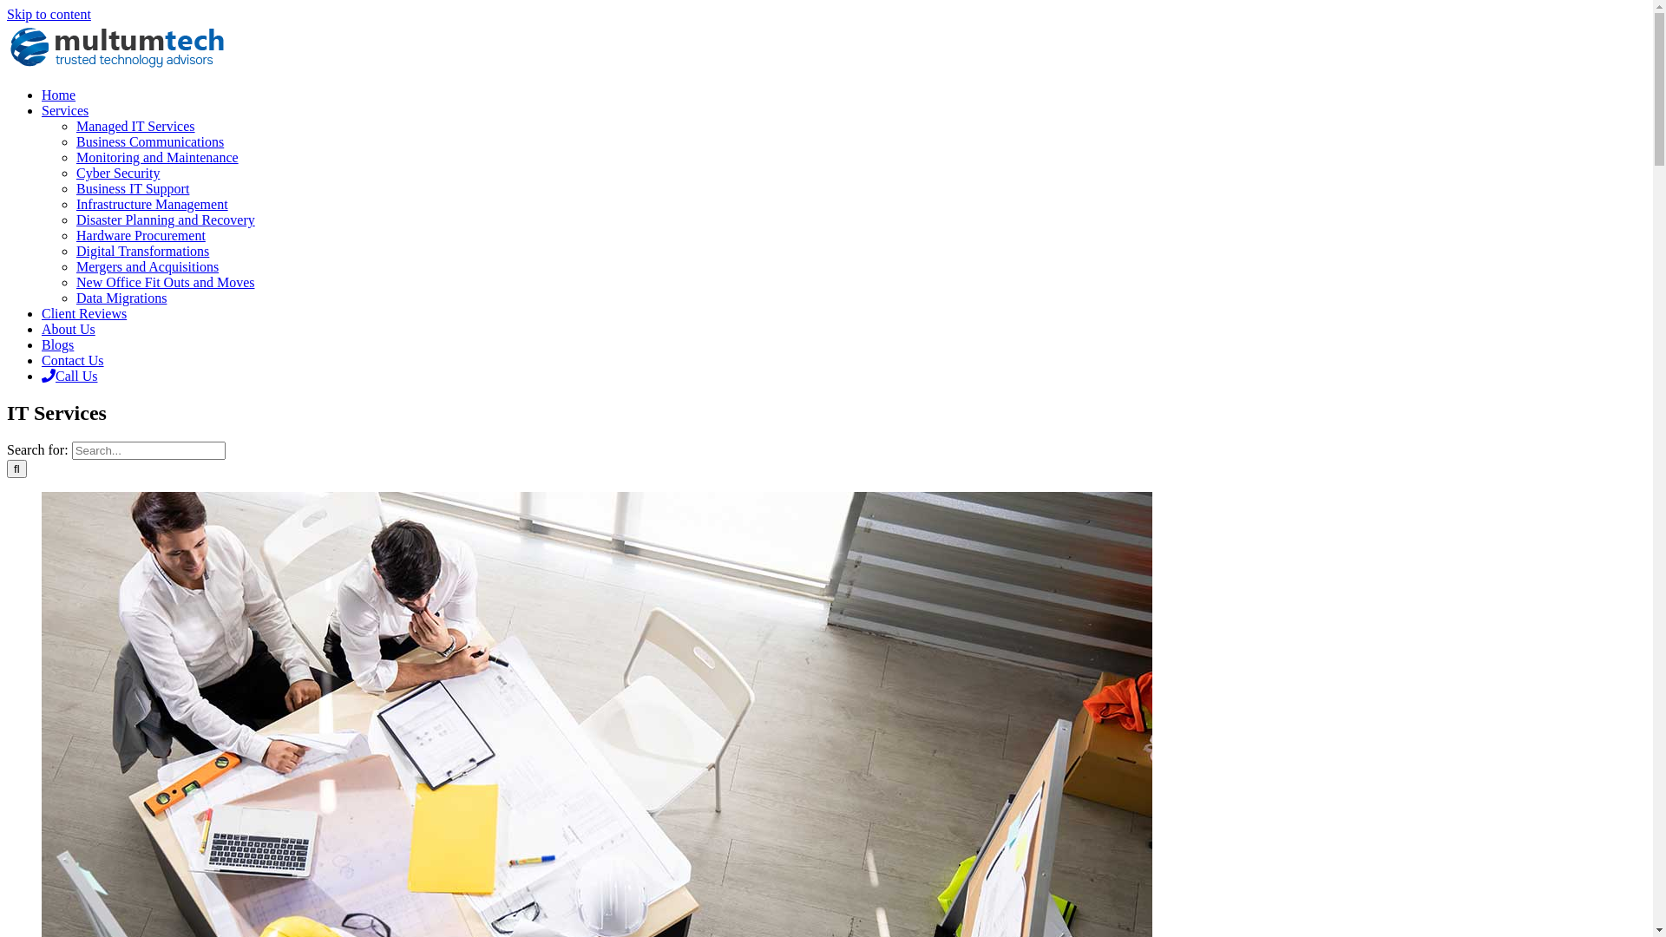 This screenshot has width=1666, height=937. I want to click on 'Blogs', so click(57, 344).